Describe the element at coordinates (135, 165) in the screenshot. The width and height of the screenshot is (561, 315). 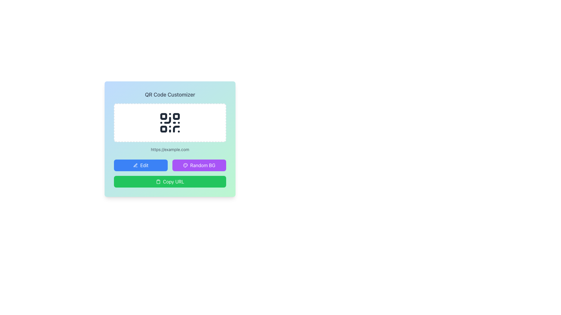
I see `the edit icon, which is a minimalistic pen-like graphic located to the left of the text 'Edit' within the button at the bottom left of the card containing the QR code` at that location.